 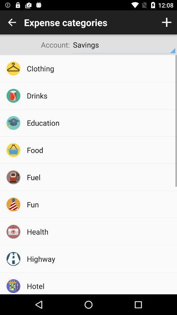 I want to click on the item below account: item, so click(x=99, y=68).